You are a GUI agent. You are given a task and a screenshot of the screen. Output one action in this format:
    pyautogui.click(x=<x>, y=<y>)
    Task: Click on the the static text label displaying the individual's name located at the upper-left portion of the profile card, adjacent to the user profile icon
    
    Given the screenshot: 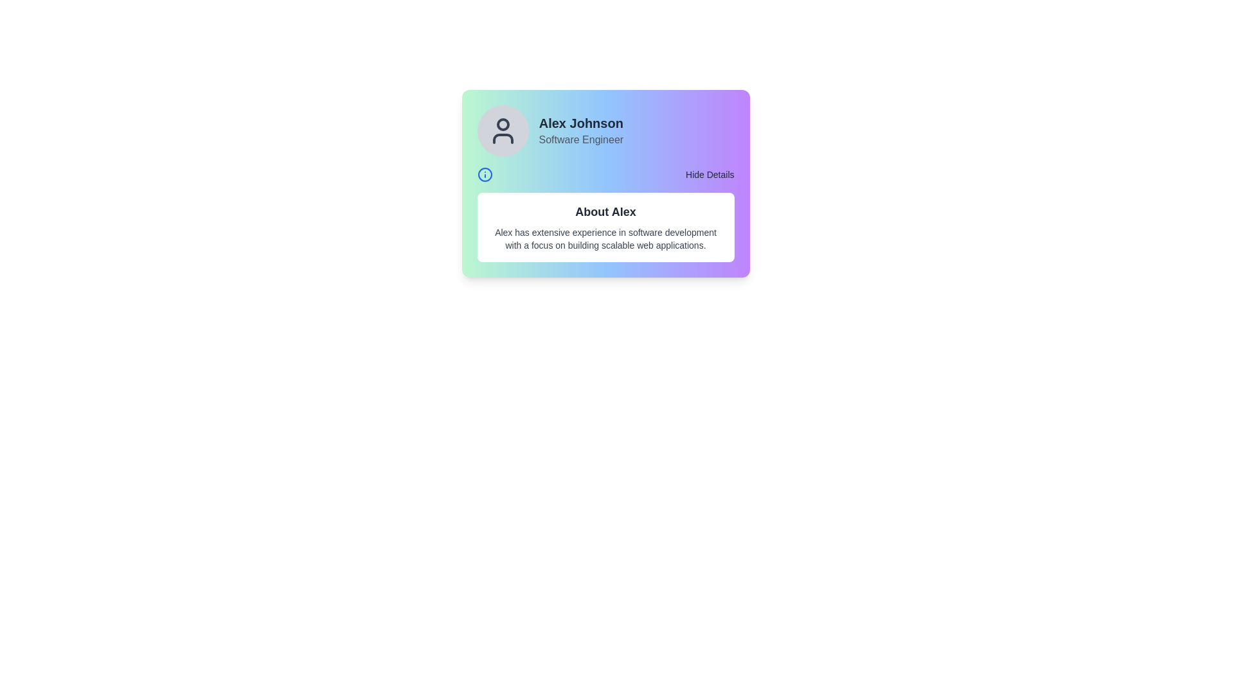 What is the action you would take?
    pyautogui.click(x=580, y=123)
    